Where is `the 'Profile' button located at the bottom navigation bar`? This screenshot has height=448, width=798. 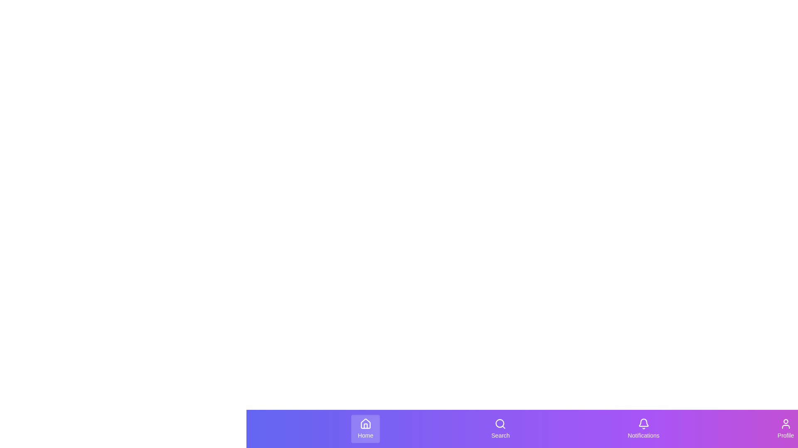 the 'Profile' button located at the bottom navigation bar is located at coordinates (785, 429).